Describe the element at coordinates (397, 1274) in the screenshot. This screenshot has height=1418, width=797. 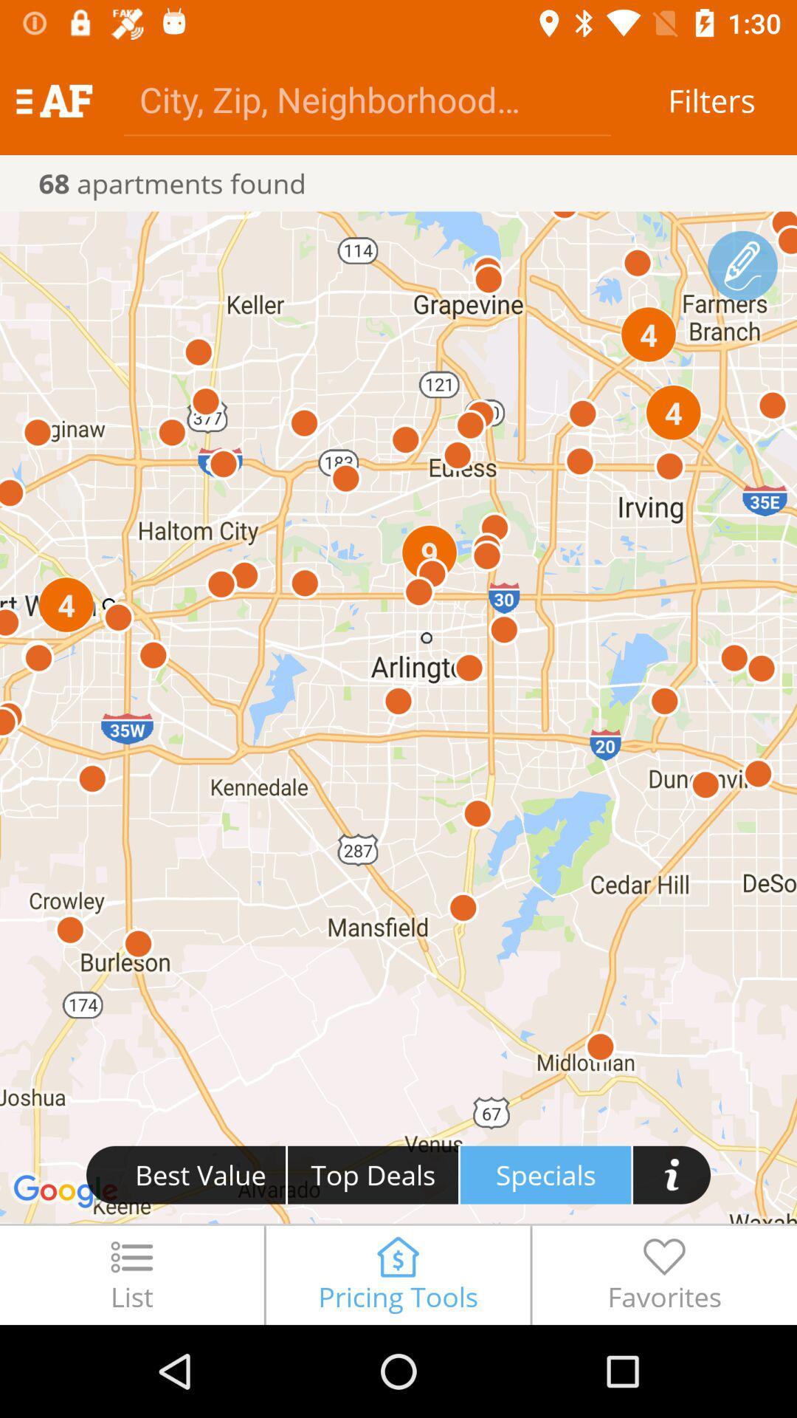
I see `the item next to favorites item` at that location.